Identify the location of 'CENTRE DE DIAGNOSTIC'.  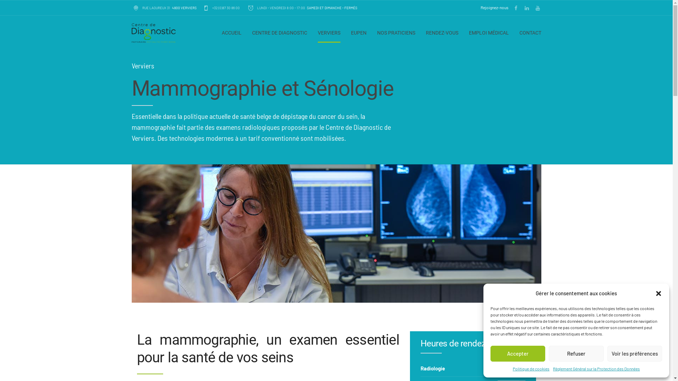
(279, 33).